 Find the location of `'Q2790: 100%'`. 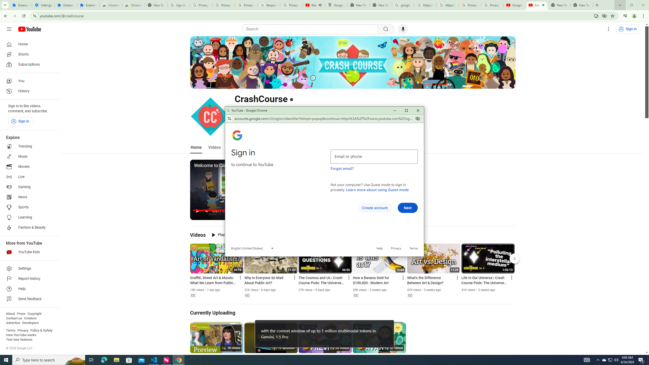

'Q2790: 100%' is located at coordinates (616, 359).